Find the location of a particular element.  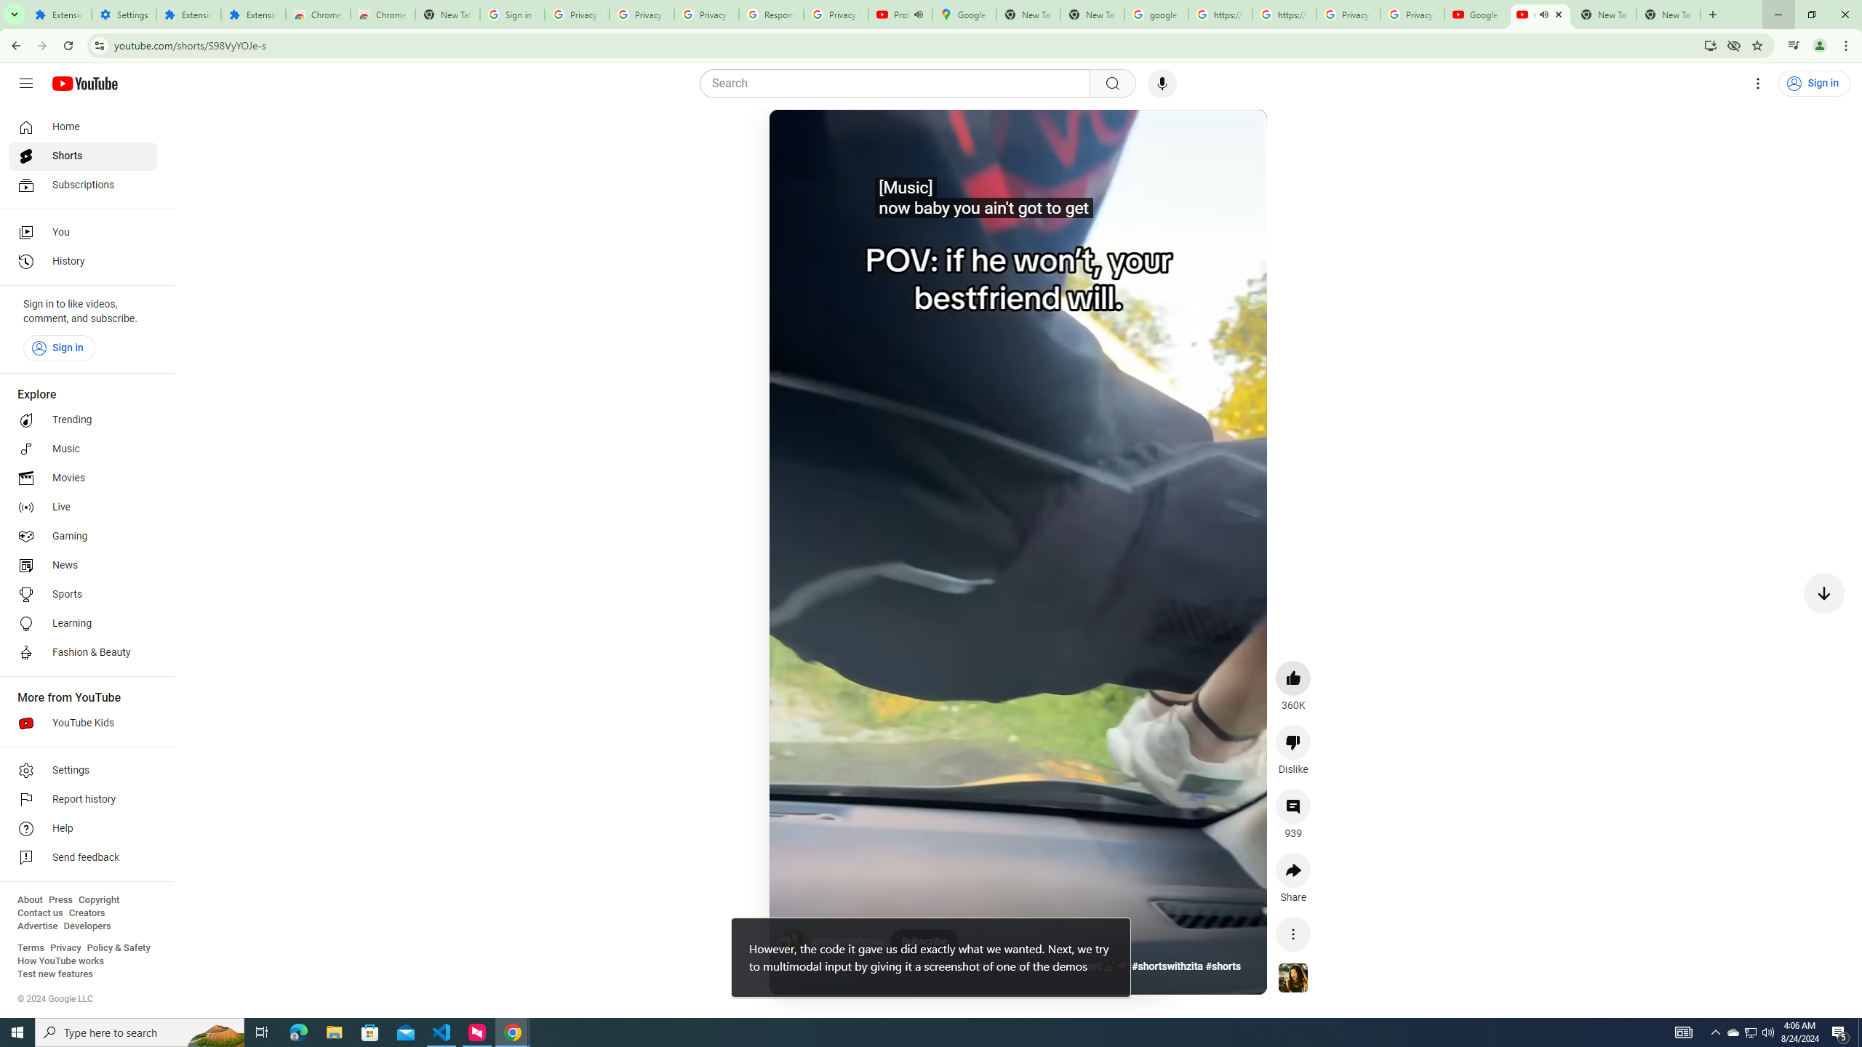

'Search' is located at coordinates (898, 83).